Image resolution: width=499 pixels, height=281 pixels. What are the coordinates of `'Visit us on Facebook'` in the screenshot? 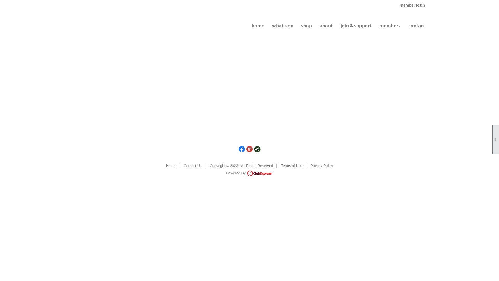 It's located at (241, 149).